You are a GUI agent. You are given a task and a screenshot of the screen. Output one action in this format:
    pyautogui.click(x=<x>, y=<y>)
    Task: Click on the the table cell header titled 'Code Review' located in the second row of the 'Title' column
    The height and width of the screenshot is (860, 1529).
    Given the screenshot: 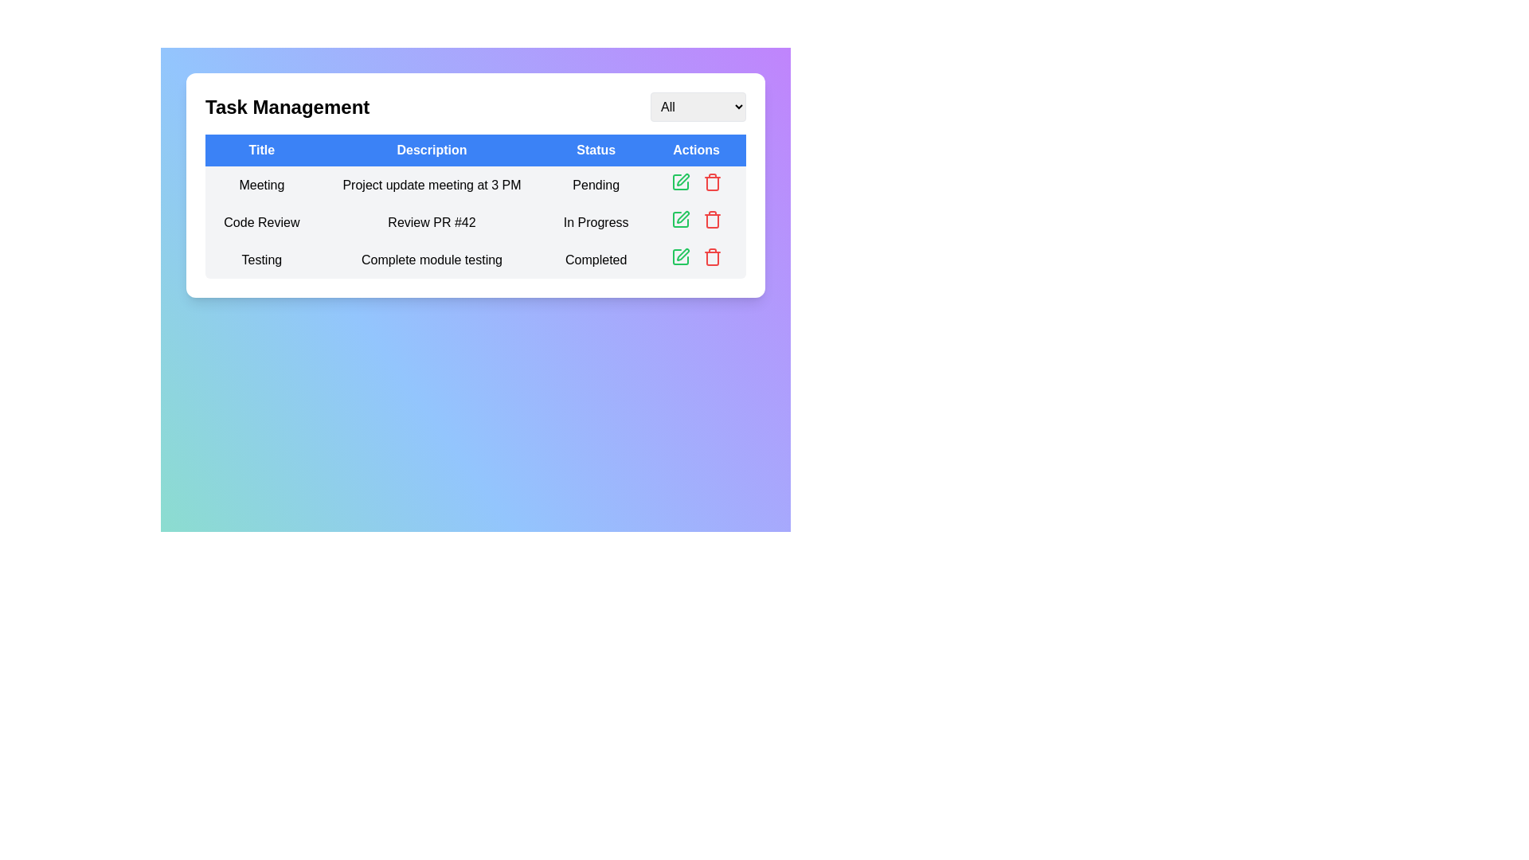 What is the action you would take?
    pyautogui.click(x=261, y=222)
    